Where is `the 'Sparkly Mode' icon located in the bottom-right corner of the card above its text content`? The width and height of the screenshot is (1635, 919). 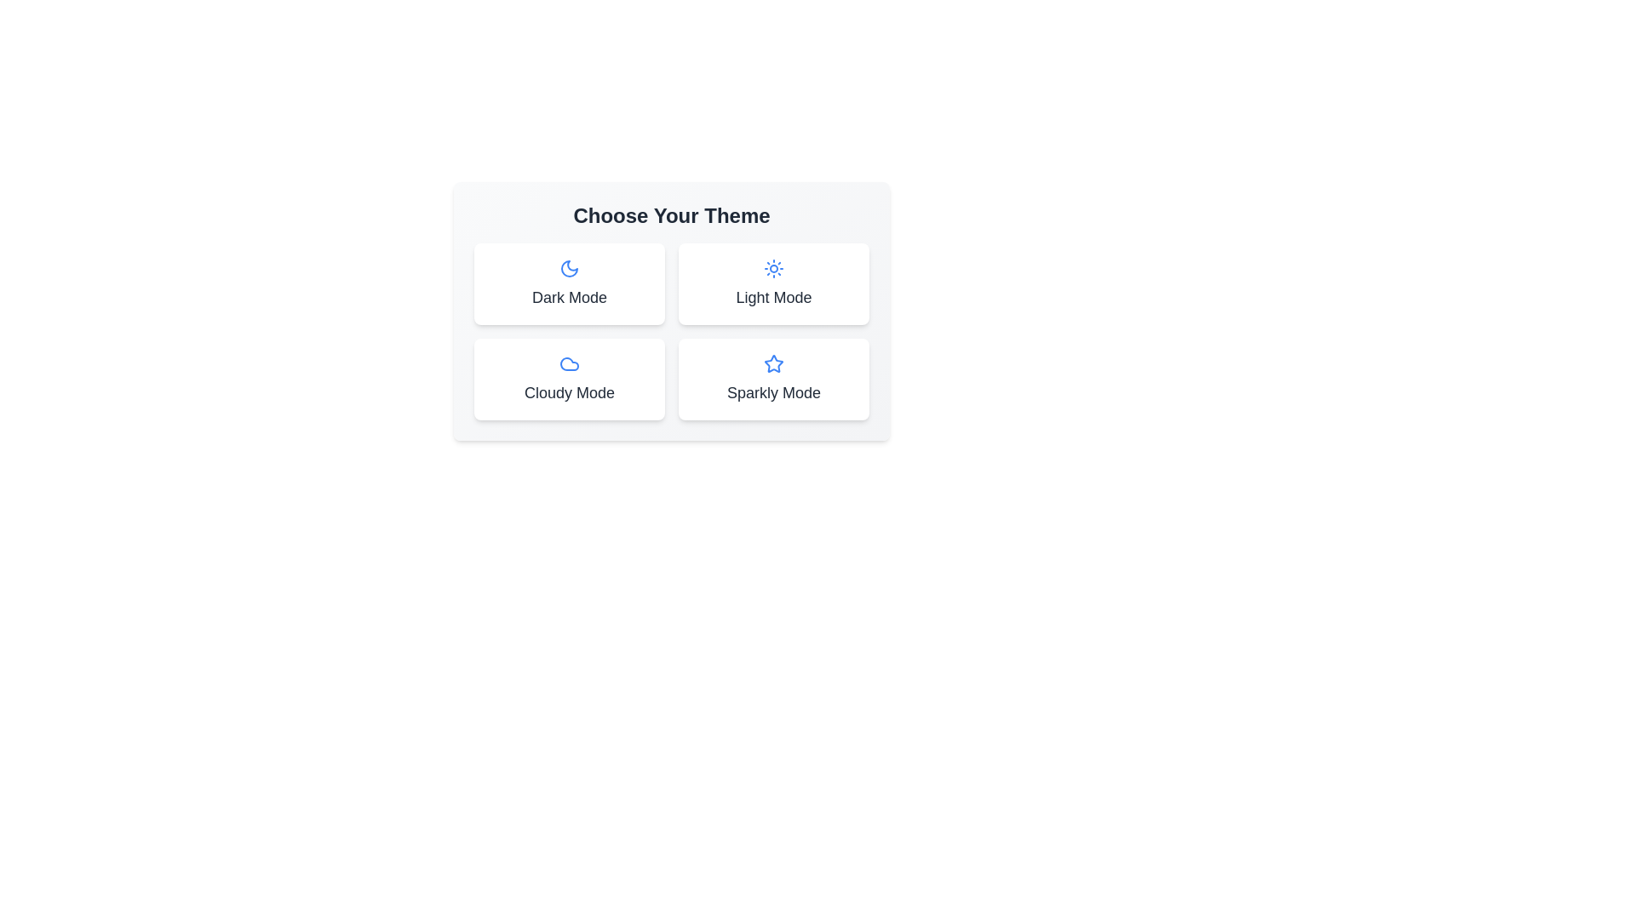 the 'Sparkly Mode' icon located in the bottom-right corner of the card above its text content is located at coordinates (772, 363).